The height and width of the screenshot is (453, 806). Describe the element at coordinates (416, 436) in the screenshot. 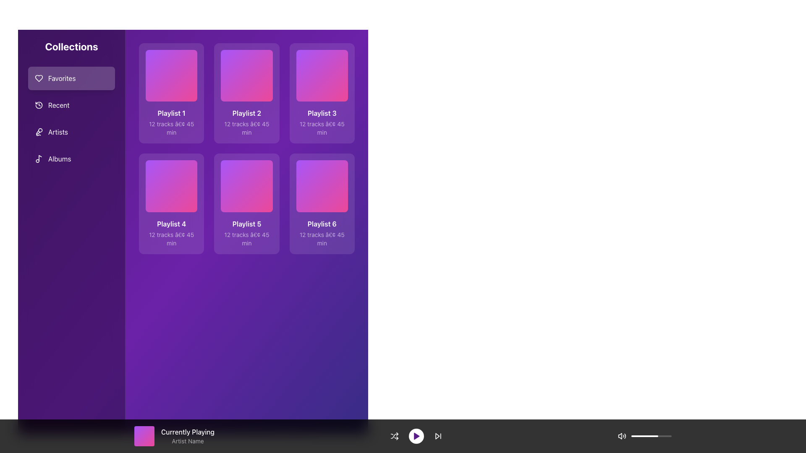

I see `the main play or pause button for controlling audio or video playback, located at the center among three buttons in the bottom-right corner of the interface` at that location.